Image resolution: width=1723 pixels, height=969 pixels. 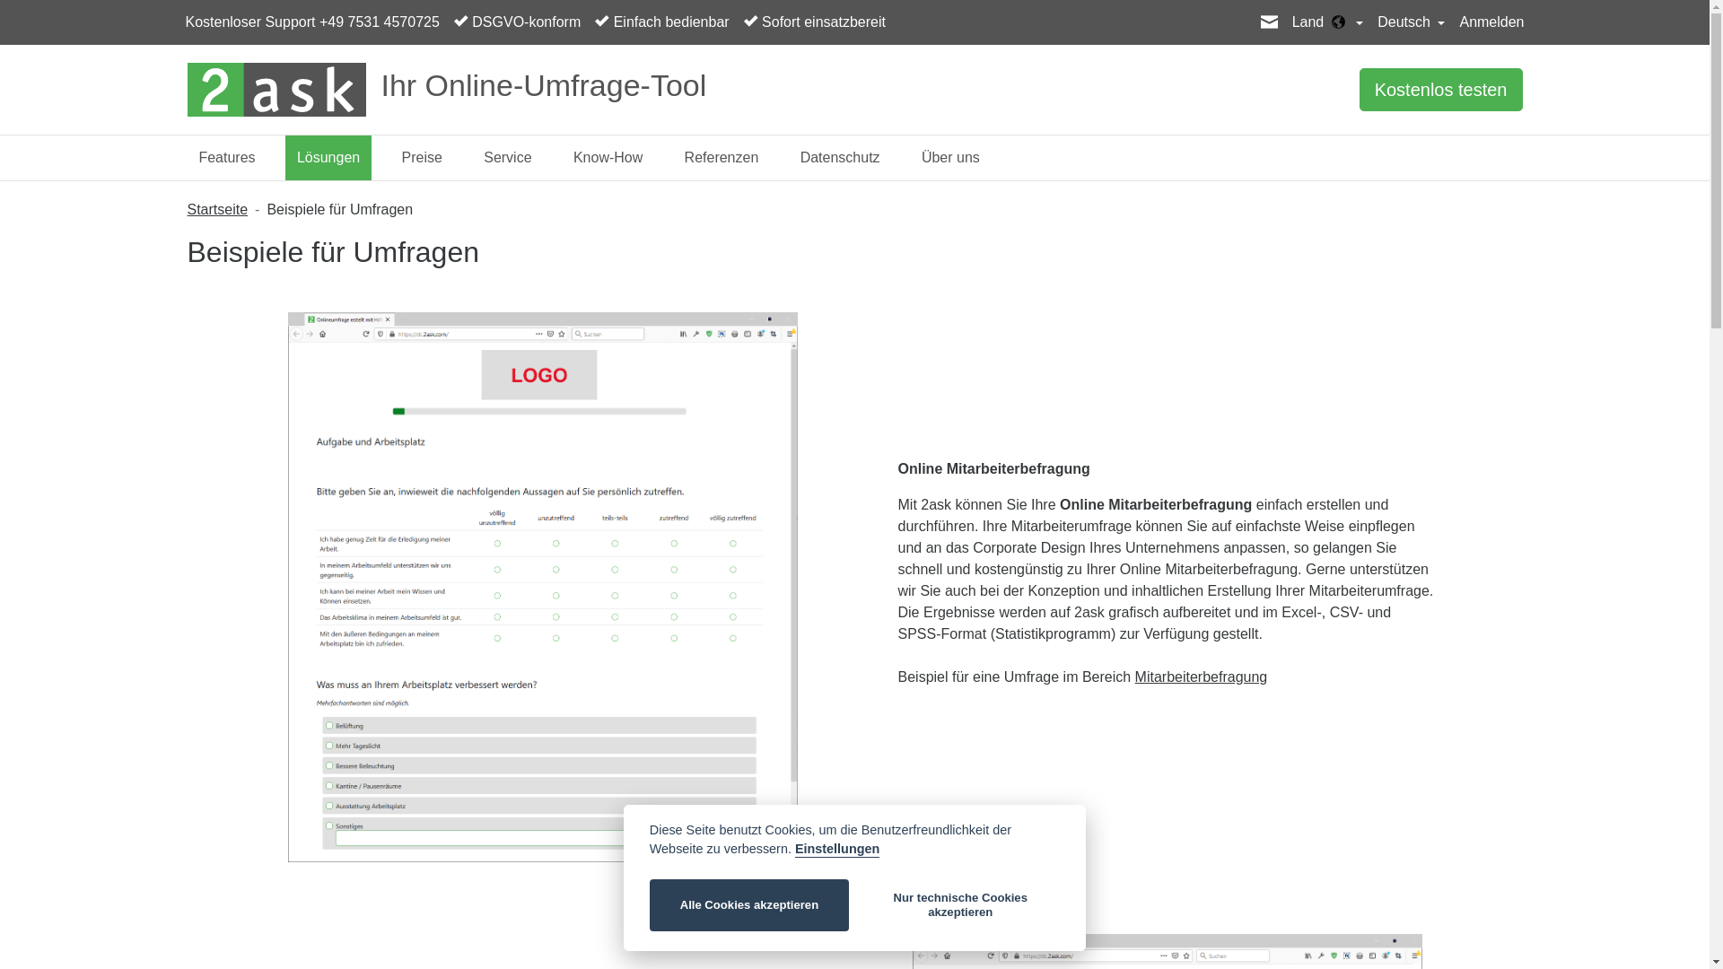 What do you see at coordinates (215, 208) in the screenshot?
I see `'Startseite'` at bounding box center [215, 208].